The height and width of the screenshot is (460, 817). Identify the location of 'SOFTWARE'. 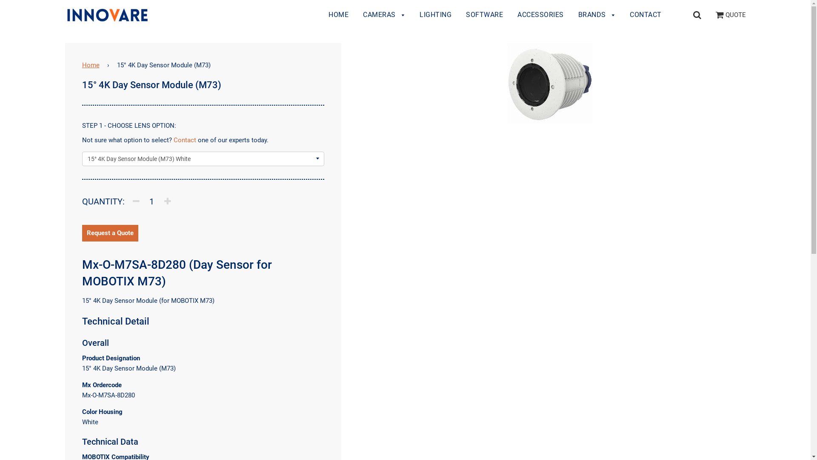
(484, 14).